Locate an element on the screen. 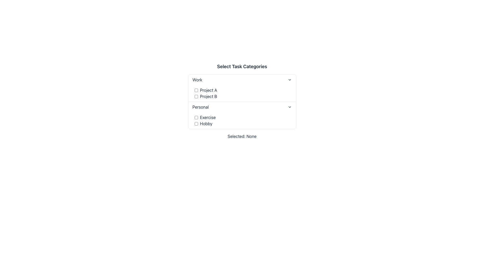  the label displaying 'Project B', which is the second item under the 'Work' category and is positioned directly below 'Project A' is located at coordinates (208, 96).